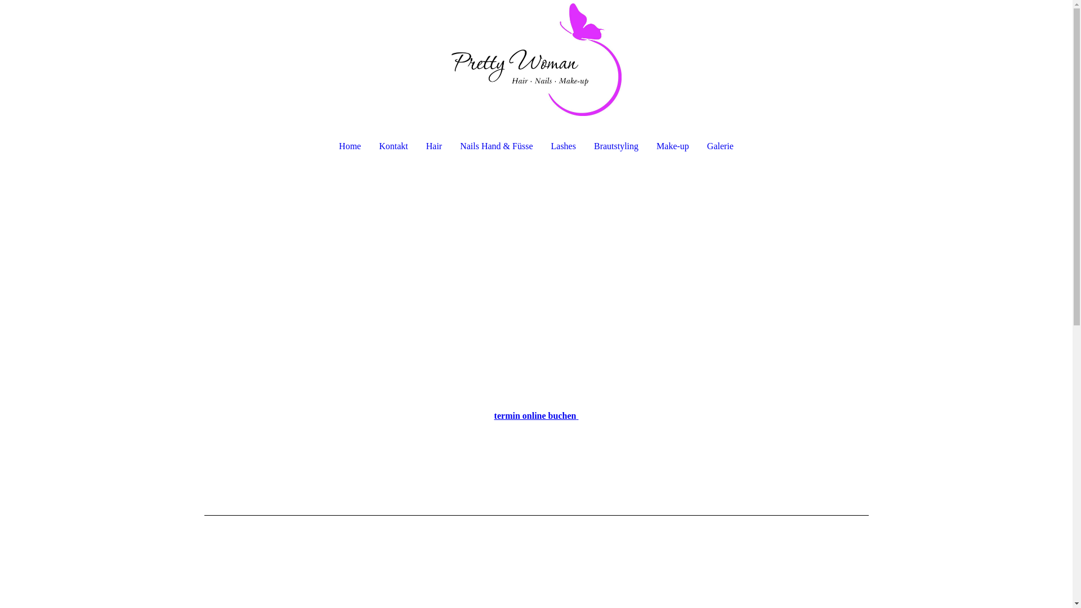 This screenshot has height=608, width=1081. I want to click on 'Hair', so click(434, 145).